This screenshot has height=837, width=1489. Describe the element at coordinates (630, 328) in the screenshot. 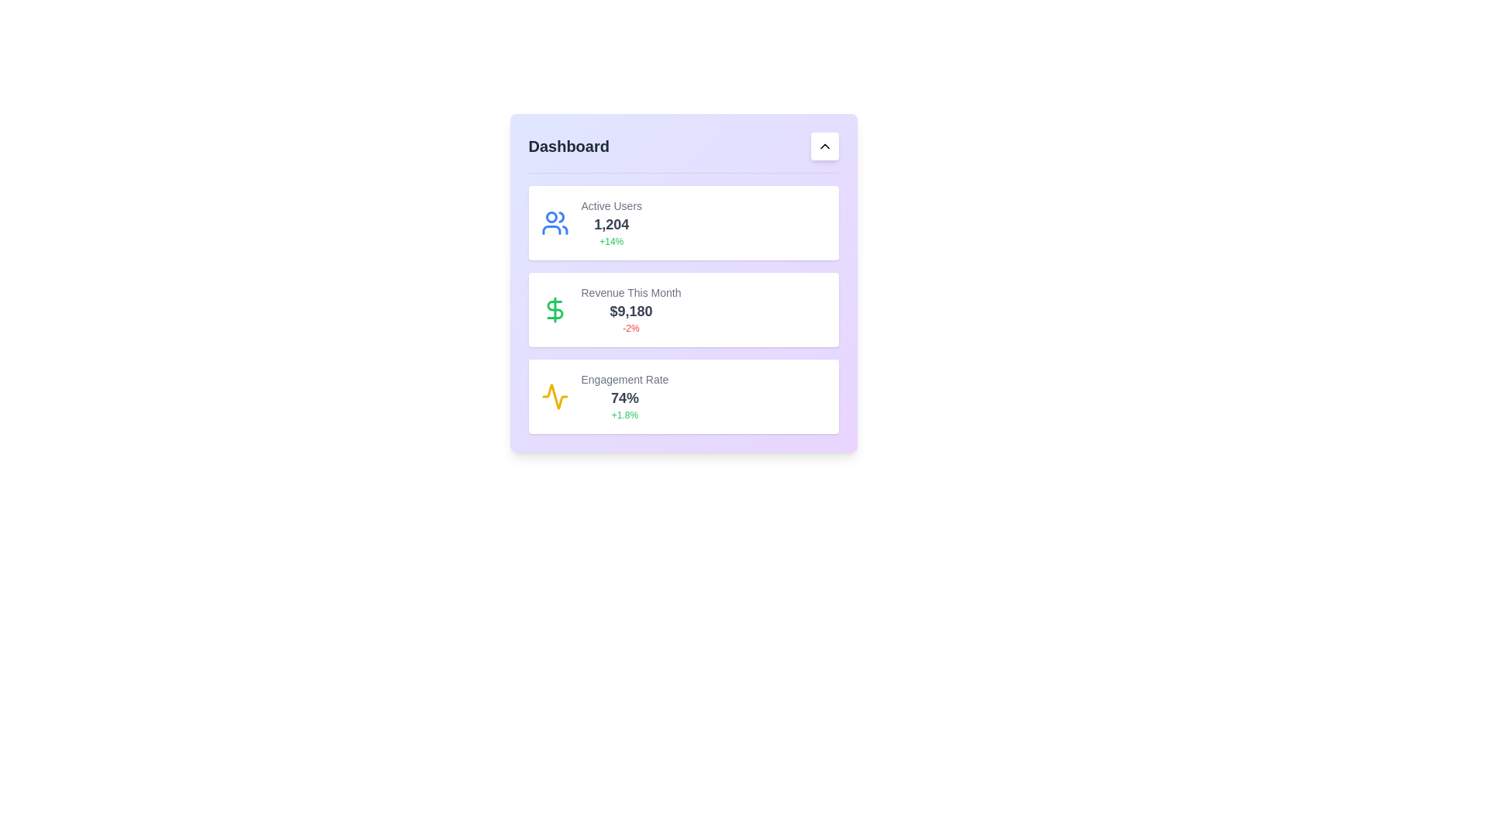

I see `the static text label displaying the percentage value '-2%' in red color, which is located below the main metric '$9,180' in the 'Revenue This Month' card` at that location.